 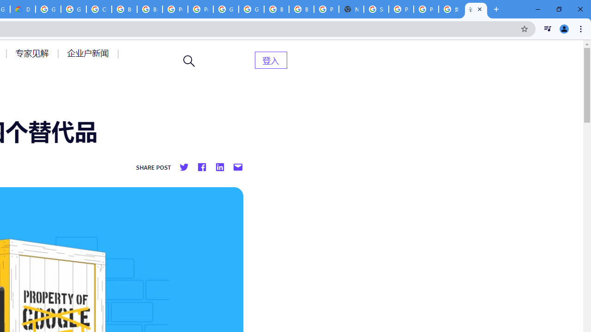 What do you see at coordinates (33, 53) in the screenshot?
I see `'AutomationID: menu-item-77764'` at bounding box center [33, 53].